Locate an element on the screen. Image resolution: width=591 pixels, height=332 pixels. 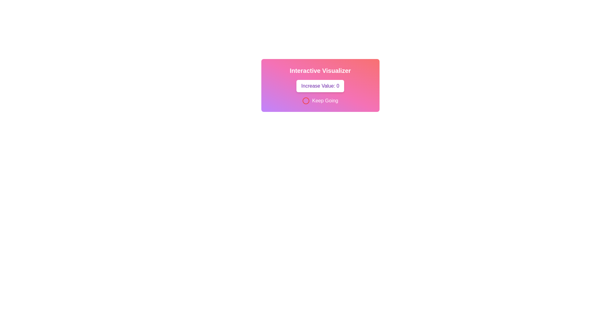
the interactive vector graphic circle located within the 'Keep Going' button, which has a thin border and a diameter of approximately 20 pixels is located at coordinates (306, 100).